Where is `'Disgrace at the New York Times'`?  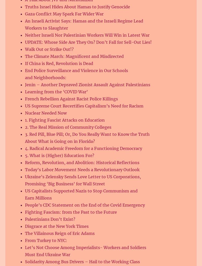
'Disgrace at the New York Times' is located at coordinates (57, 226).